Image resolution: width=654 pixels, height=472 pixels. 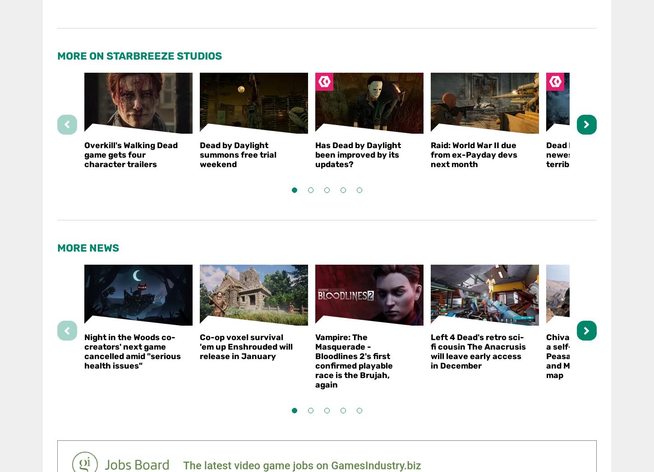 I want to click on 'Left 4 Dead's retro sci-fi cousin The Anacrusis will leave early access in December', so click(x=430, y=351).